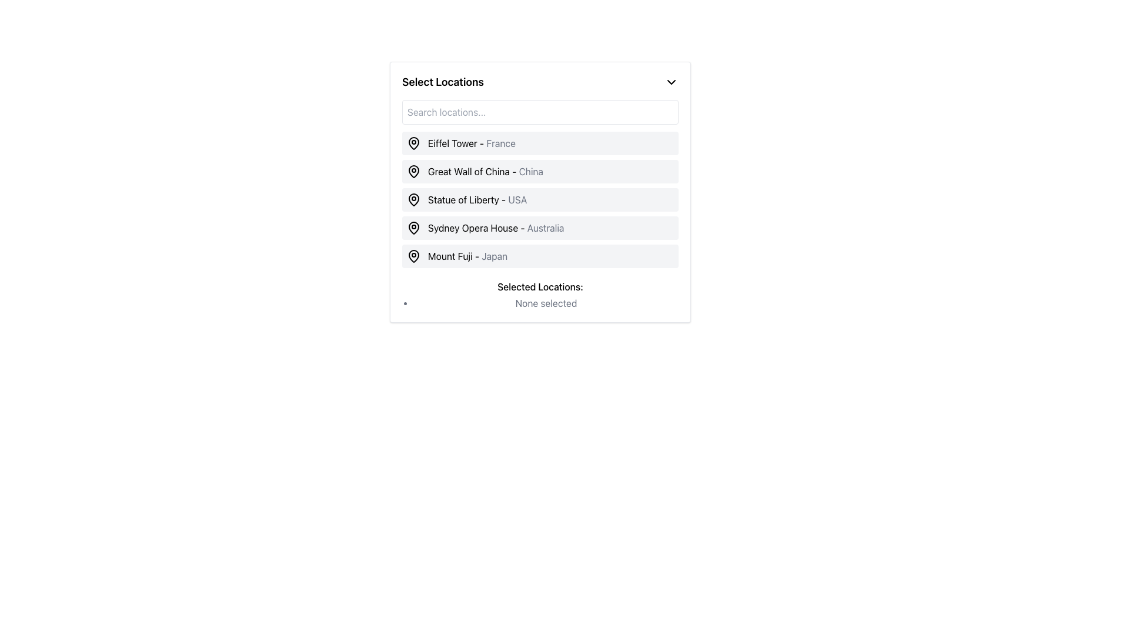 Image resolution: width=1129 pixels, height=635 pixels. Describe the element at coordinates (467, 255) in the screenshot. I see `the label displaying 'Mount Fuji - Japan'` at that location.